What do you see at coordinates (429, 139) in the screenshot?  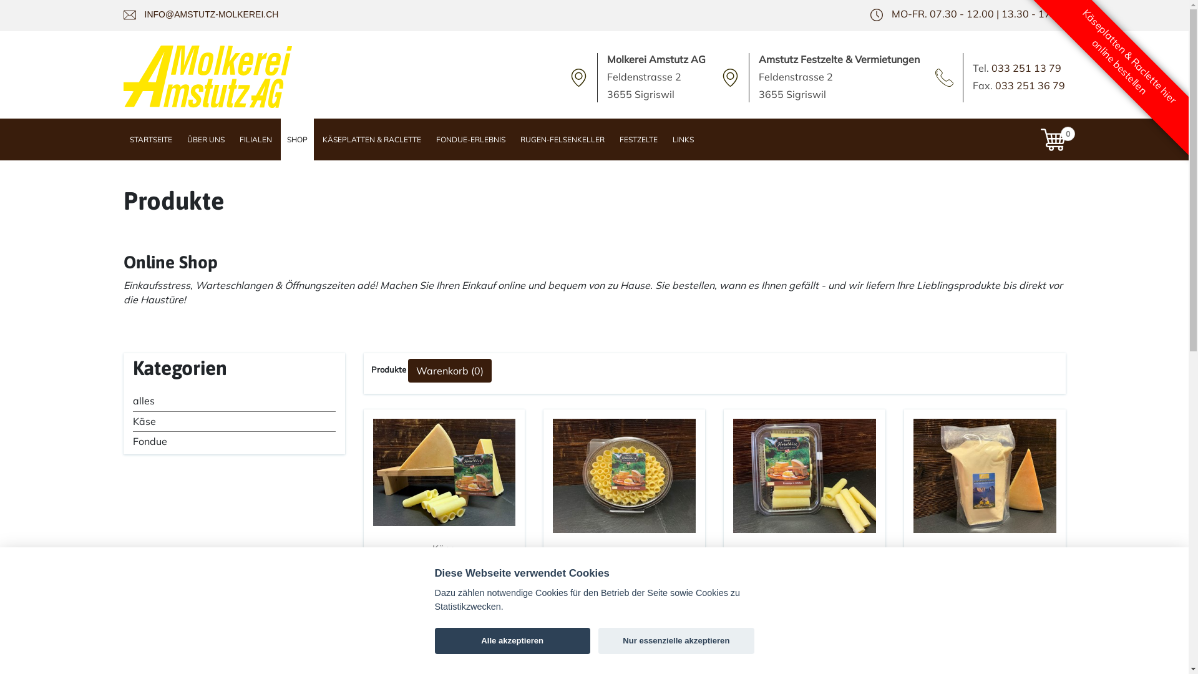 I see `'FONDUE-ERLEBNIS'` at bounding box center [429, 139].